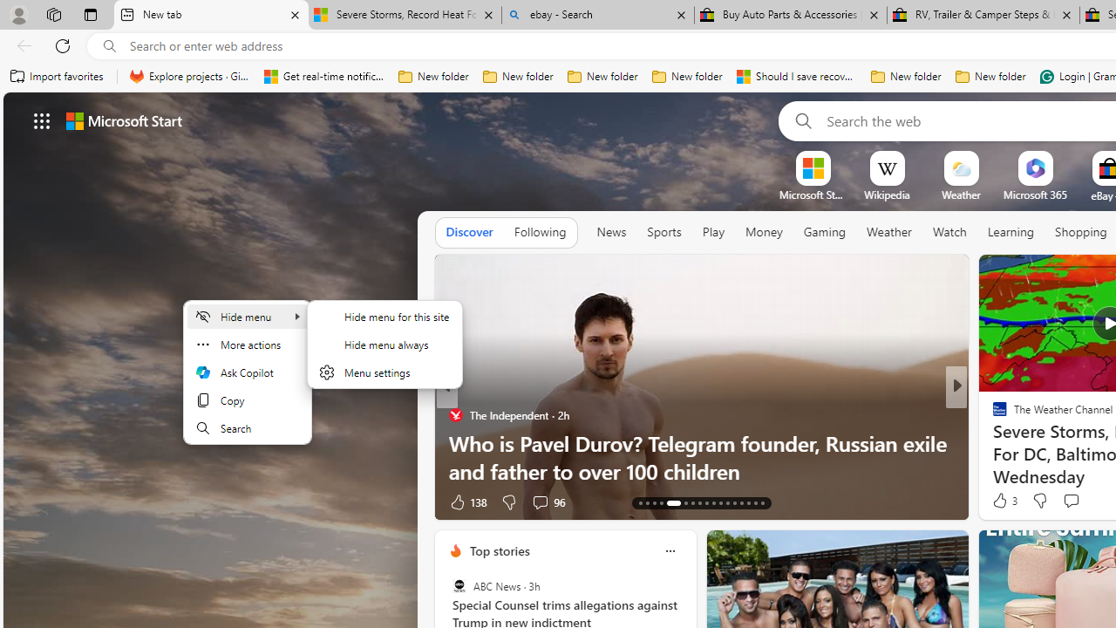 Image resolution: width=1116 pixels, height=628 pixels. I want to click on 'Microsoft 365', so click(1035, 195).